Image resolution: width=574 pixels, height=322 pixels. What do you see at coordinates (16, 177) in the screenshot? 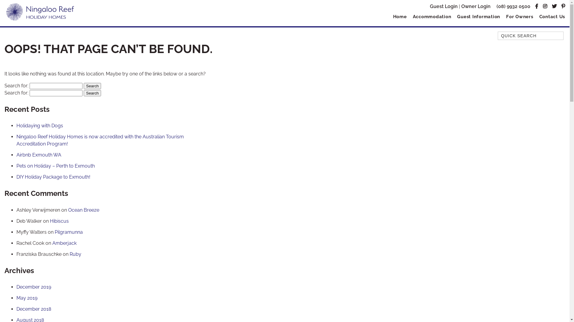
I see `'DIY Holiday Package to Exmouth!'` at bounding box center [16, 177].